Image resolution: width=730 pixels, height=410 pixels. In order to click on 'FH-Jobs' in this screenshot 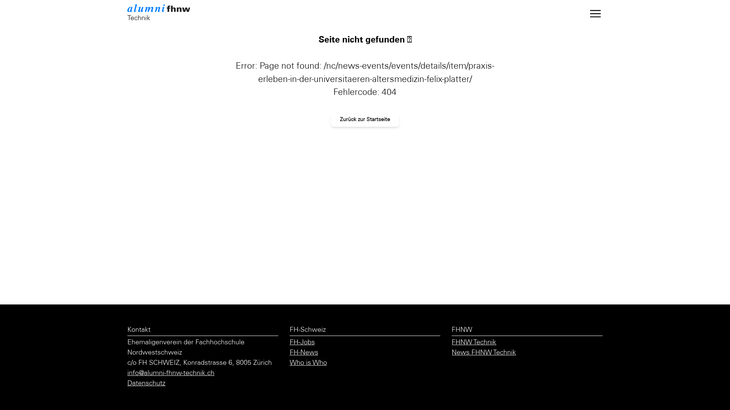, I will do `click(302, 342)`.